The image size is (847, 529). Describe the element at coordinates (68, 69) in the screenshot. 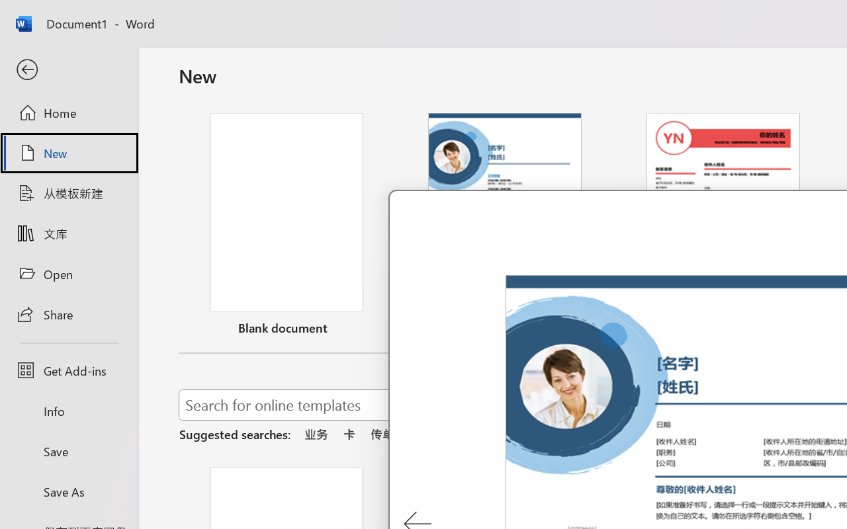

I see `'Back'` at that location.